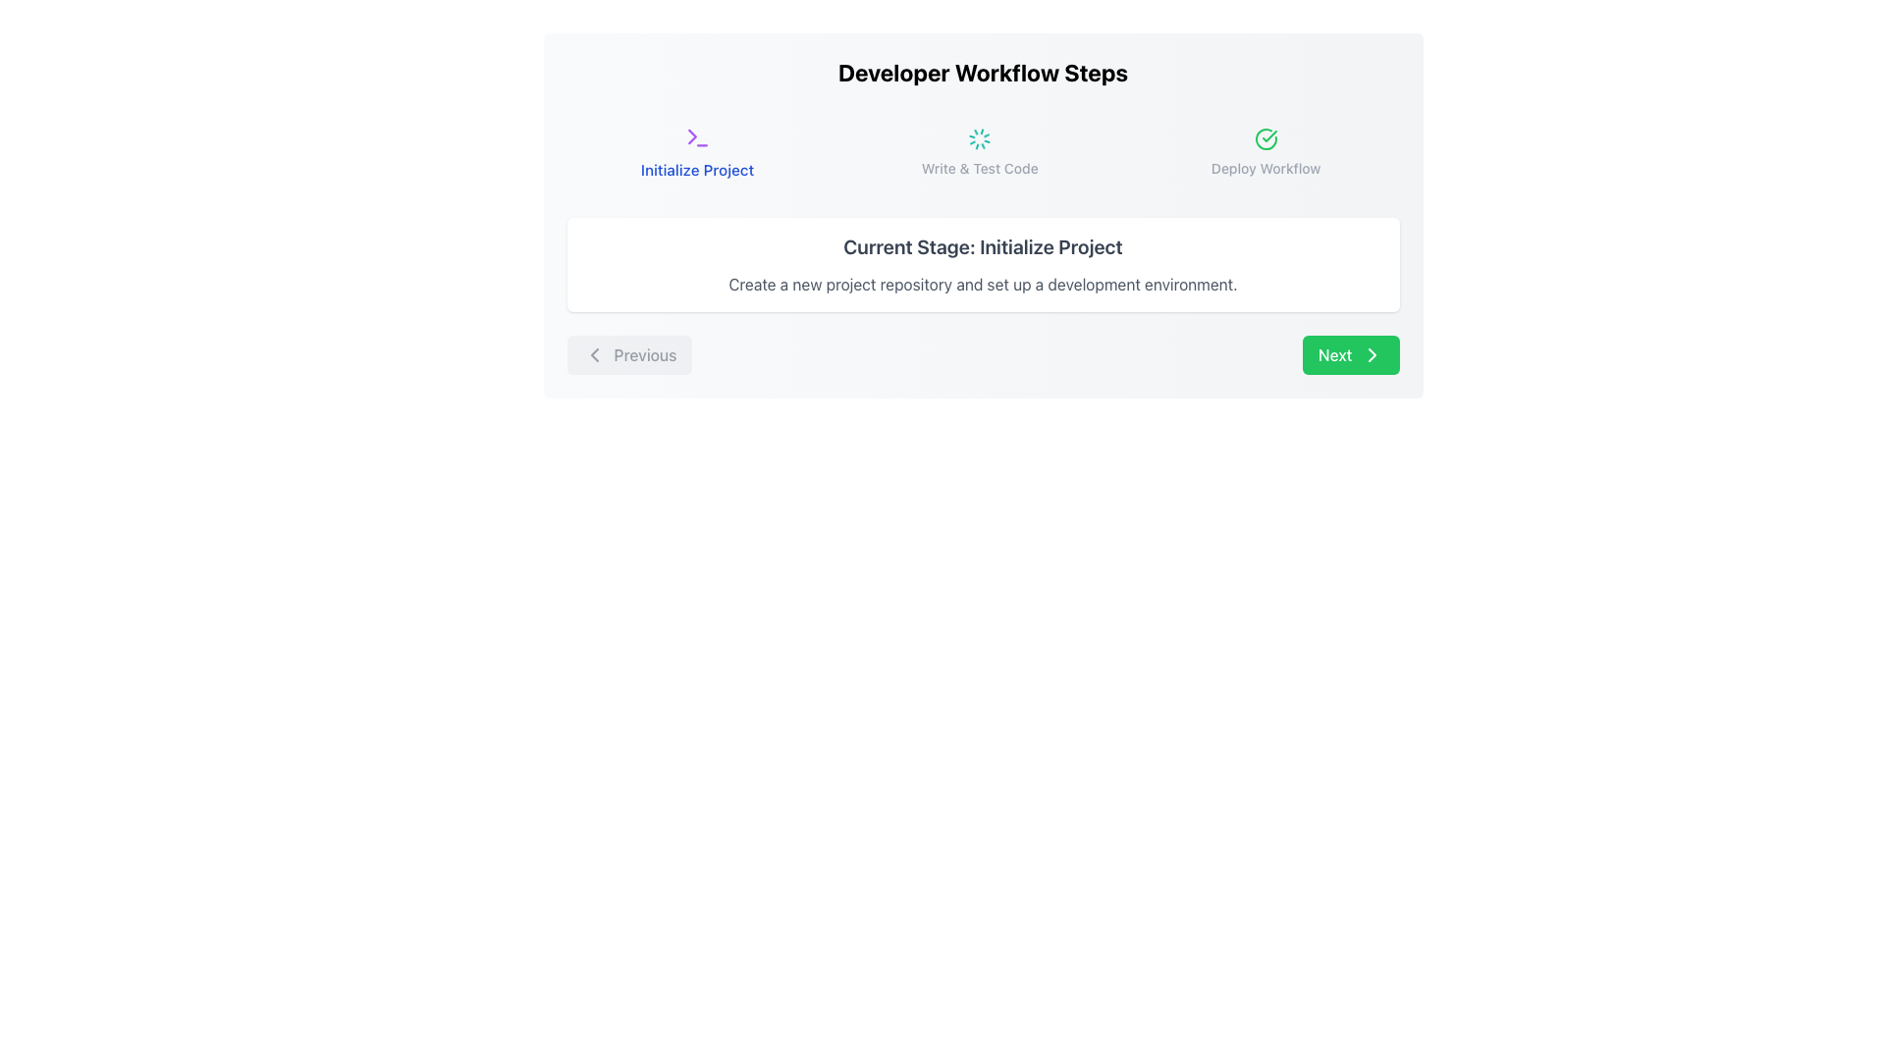  Describe the element at coordinates (697, 136) in the screenshot. I see `the 'Initialize Project' icon located at the top-left region of the 'Initialize Project' section, which is above the corresponding label` at that location.